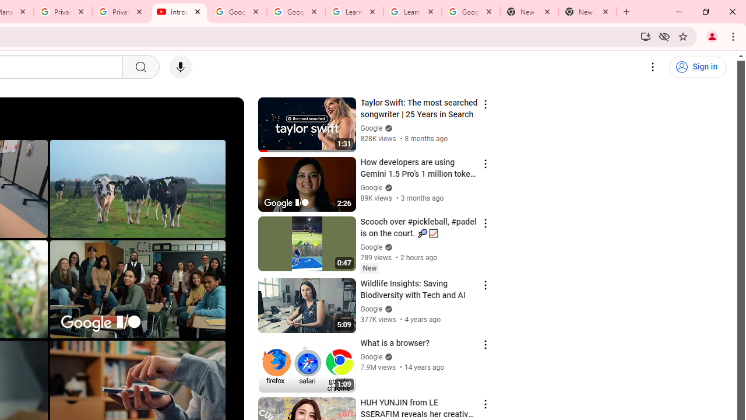 The image size is (746, 420). What do you see at coordinates (645, 36) in the screenshot?
I see `'Install YouTube'` at bounding box center [645, 36].